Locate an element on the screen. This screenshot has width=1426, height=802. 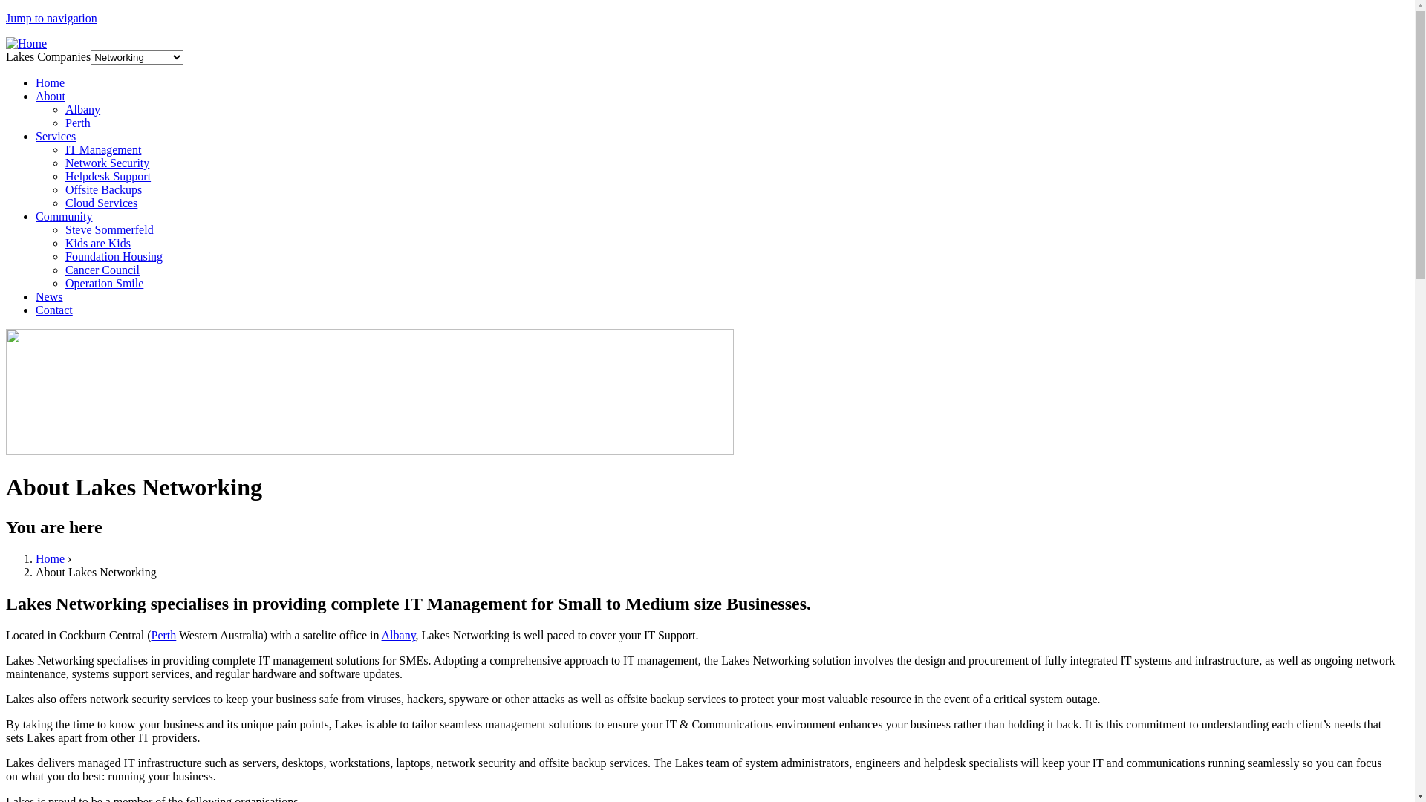
'Perth' is located at coordinates (163, 635).